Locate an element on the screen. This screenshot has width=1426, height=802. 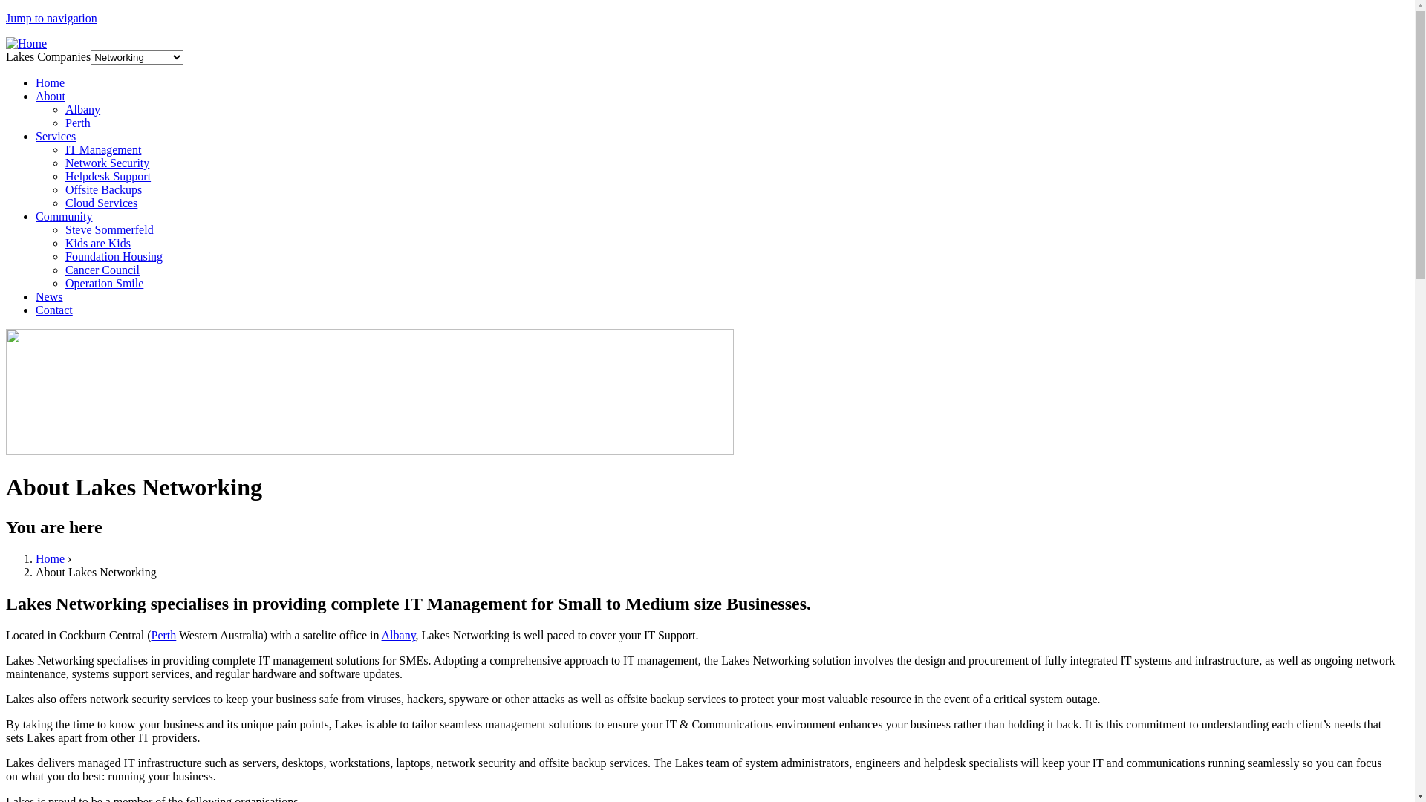
'Perth' is located at coordinates (163, 635).